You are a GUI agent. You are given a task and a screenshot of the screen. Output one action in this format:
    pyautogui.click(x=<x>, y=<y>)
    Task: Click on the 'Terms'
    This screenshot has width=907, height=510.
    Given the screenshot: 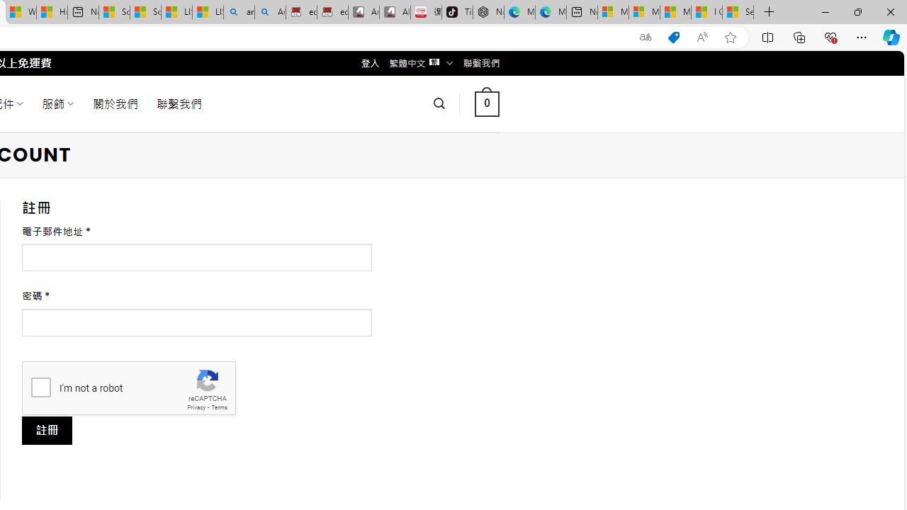 What is the action you would take?
    pyautogui.click(x=218, y=407)
    